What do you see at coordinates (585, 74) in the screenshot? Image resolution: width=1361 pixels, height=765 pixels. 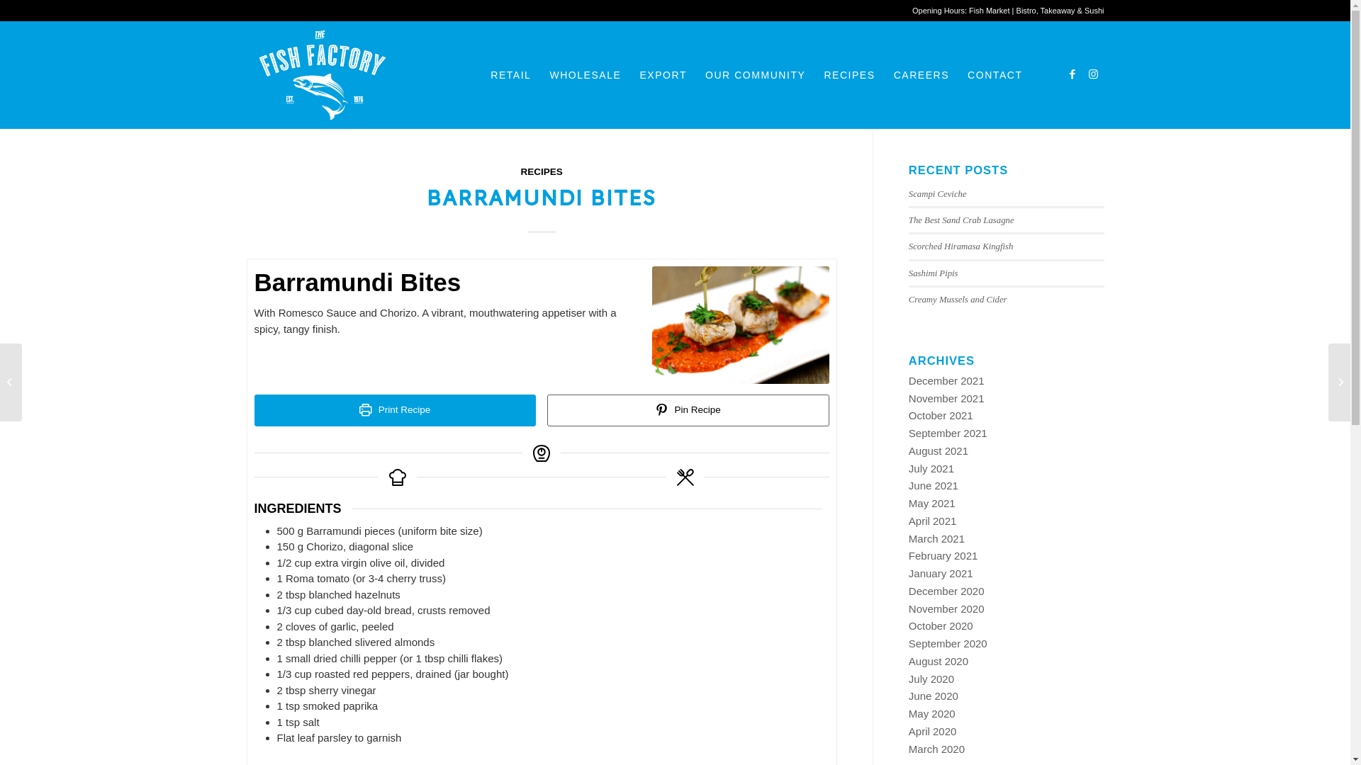 I see `'WHOLESALE'` at bounding box center [585, 74].